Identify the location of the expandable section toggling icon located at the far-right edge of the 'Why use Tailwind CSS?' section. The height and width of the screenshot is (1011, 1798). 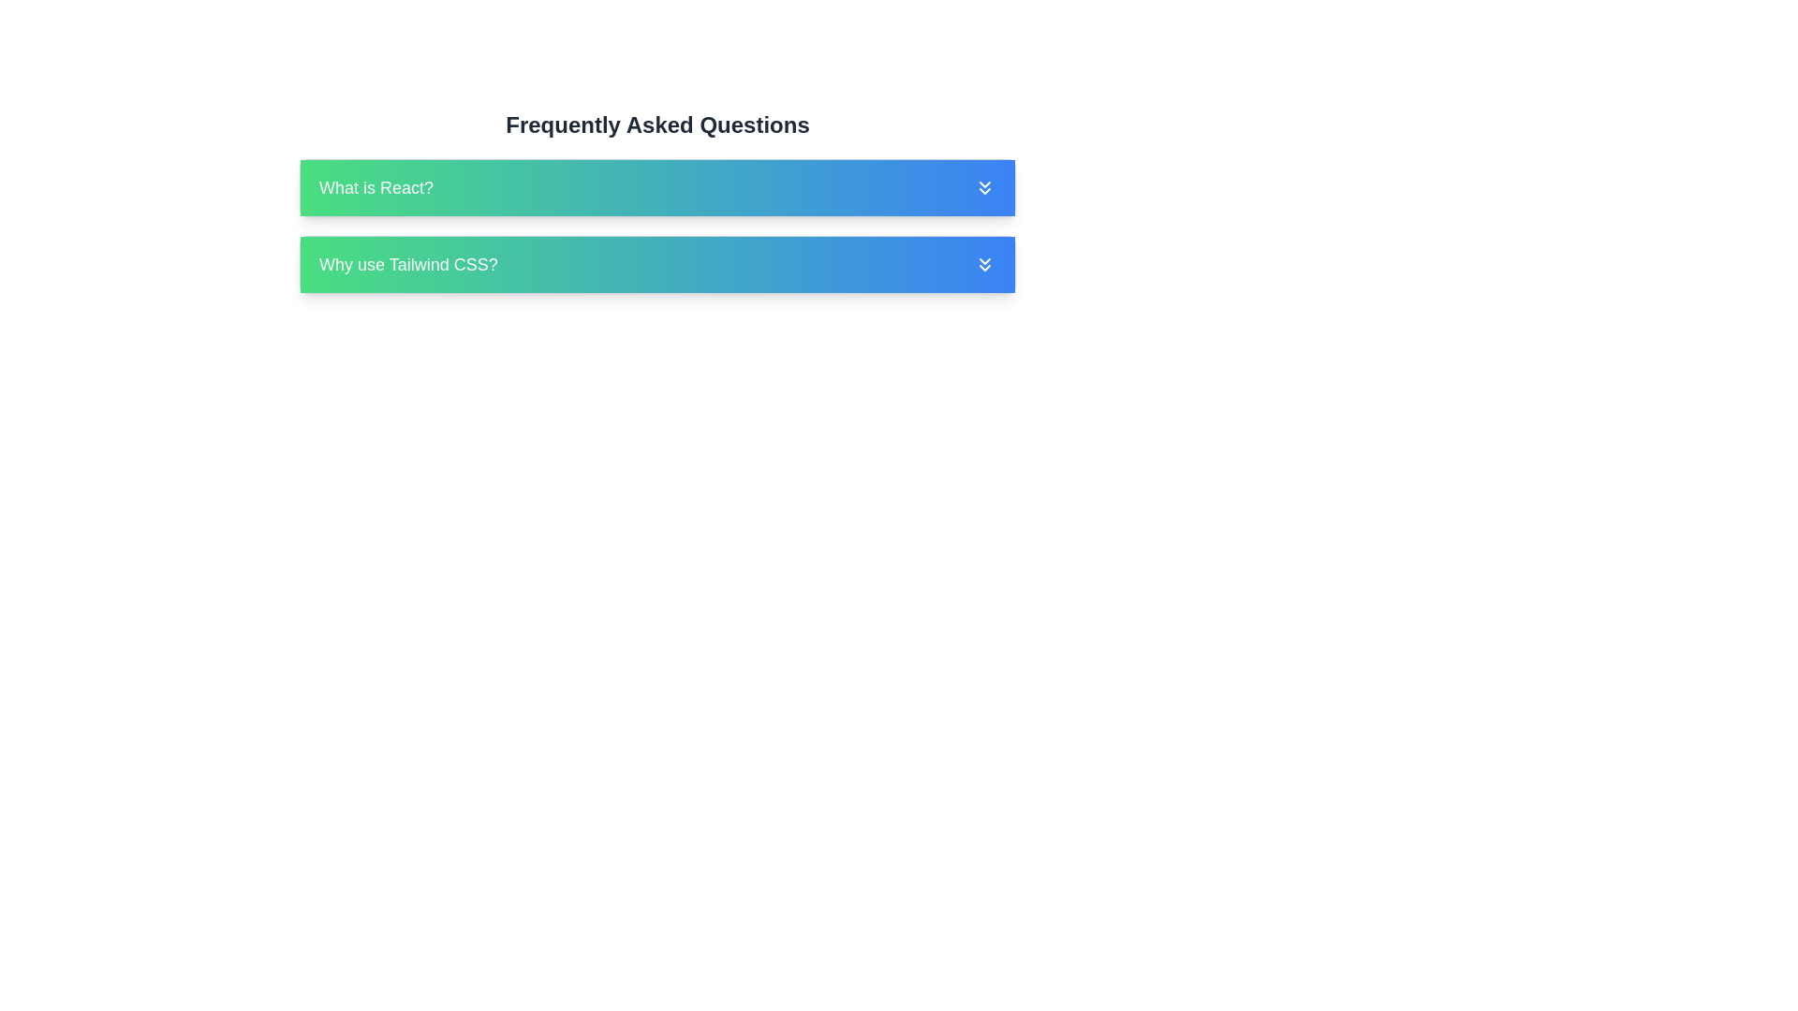
(983, 264).